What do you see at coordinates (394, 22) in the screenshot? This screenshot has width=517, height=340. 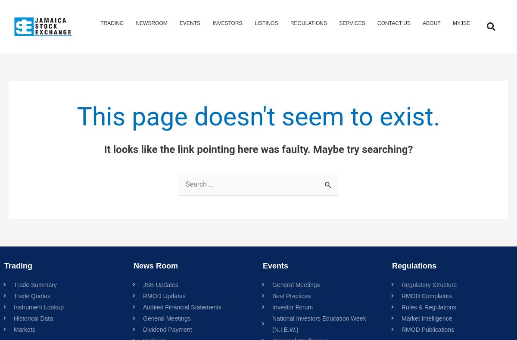 I see `'Contact Us'` at bounding box center [394, 22].